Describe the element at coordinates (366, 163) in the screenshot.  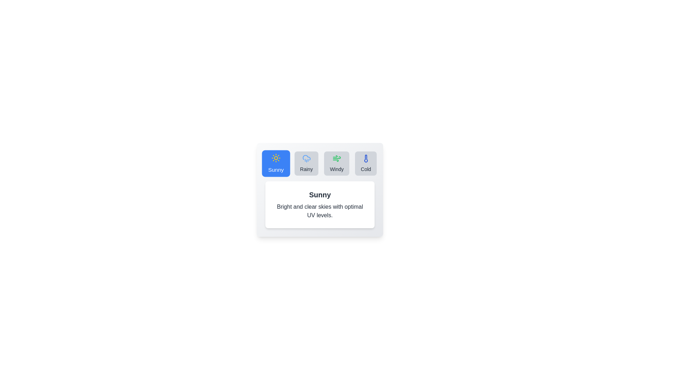
I see `the Cold tab to view its content` at that location.